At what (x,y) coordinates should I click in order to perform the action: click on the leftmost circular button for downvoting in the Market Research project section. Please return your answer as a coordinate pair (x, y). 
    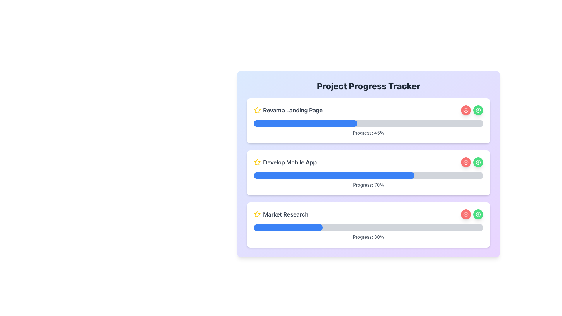
    Looking at the image, I should click on (466, 214).